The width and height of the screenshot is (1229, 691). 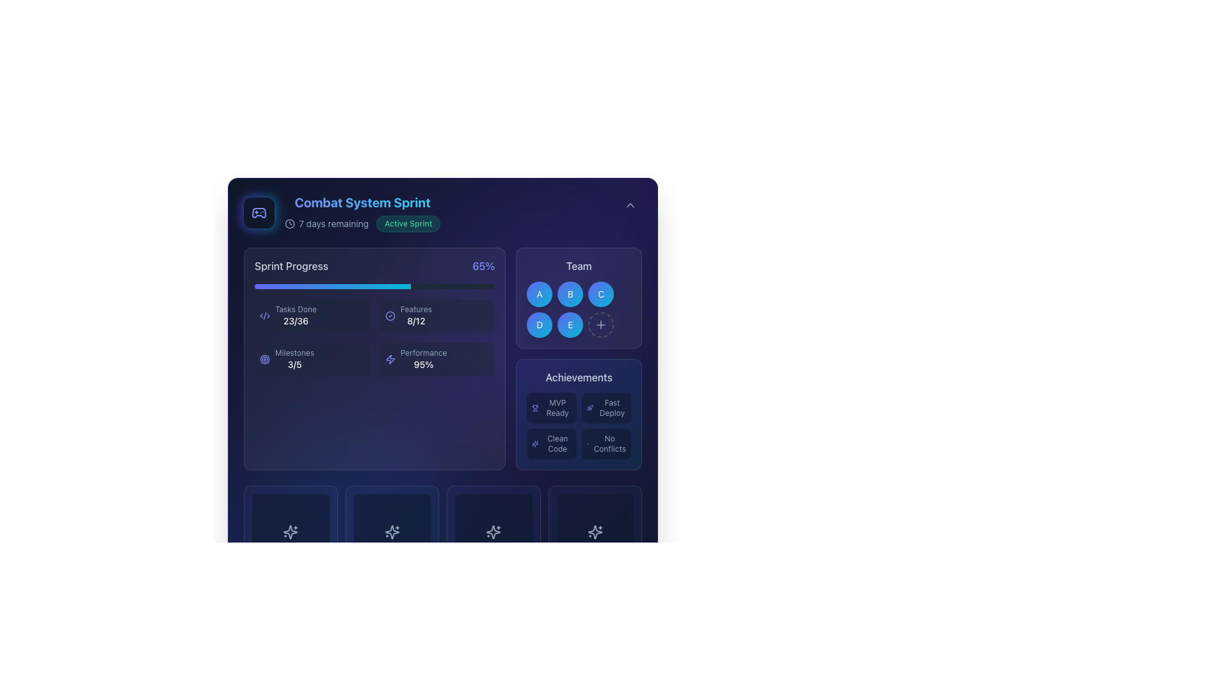 I want to click on the 'MVP Ready' button-like component with a trophy icon in the 'Achievements' section, so click(x=552, y=408).